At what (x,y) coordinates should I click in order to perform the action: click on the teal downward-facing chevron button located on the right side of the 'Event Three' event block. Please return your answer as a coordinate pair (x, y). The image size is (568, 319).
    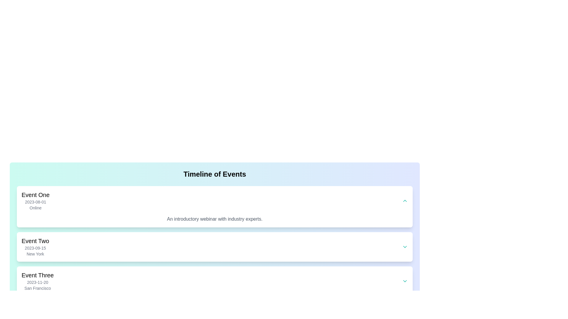
    Looking at the image, I should click on (404, 281).